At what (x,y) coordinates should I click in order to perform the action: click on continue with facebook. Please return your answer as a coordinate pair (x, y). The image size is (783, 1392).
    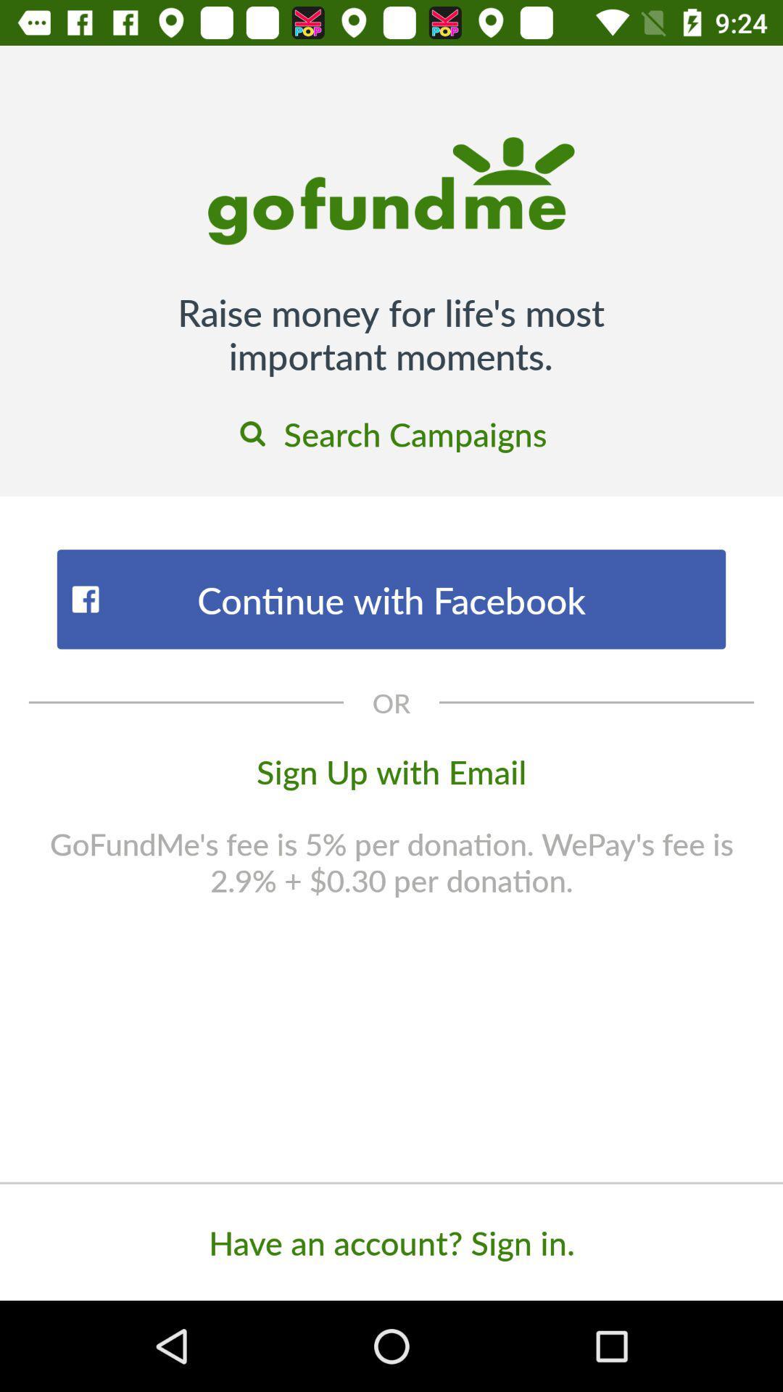
    Looking at the image, I should click on (391, 599).